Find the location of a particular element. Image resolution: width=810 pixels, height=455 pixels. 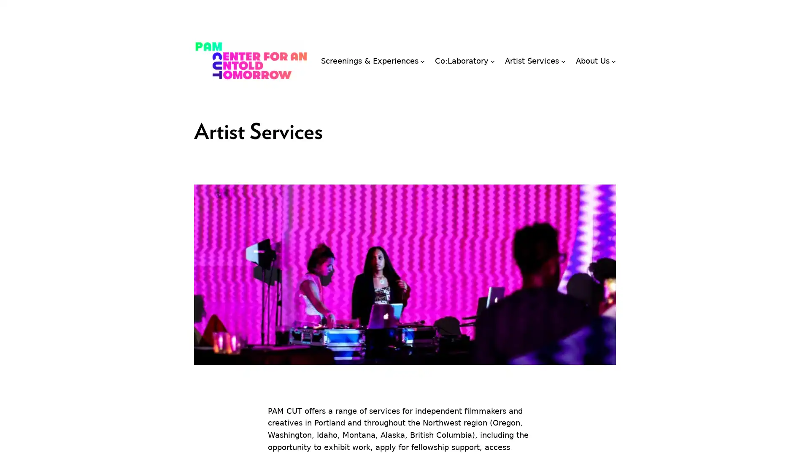

Co:Laboratory submenu is located at coordinates (492, 60).